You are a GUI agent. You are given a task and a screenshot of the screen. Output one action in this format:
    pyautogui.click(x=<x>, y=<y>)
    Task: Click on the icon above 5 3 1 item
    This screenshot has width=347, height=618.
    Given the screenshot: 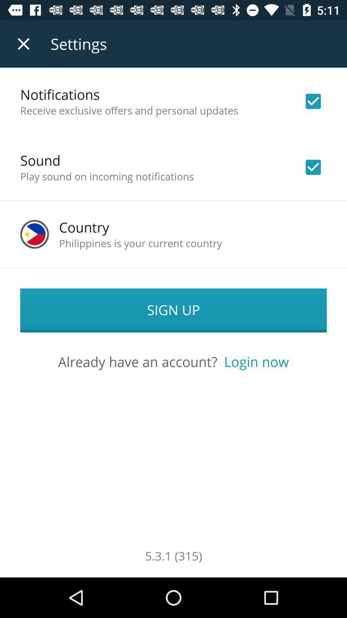 What is the action you would take?
    pyautogui.click(x=256, y=361)
    